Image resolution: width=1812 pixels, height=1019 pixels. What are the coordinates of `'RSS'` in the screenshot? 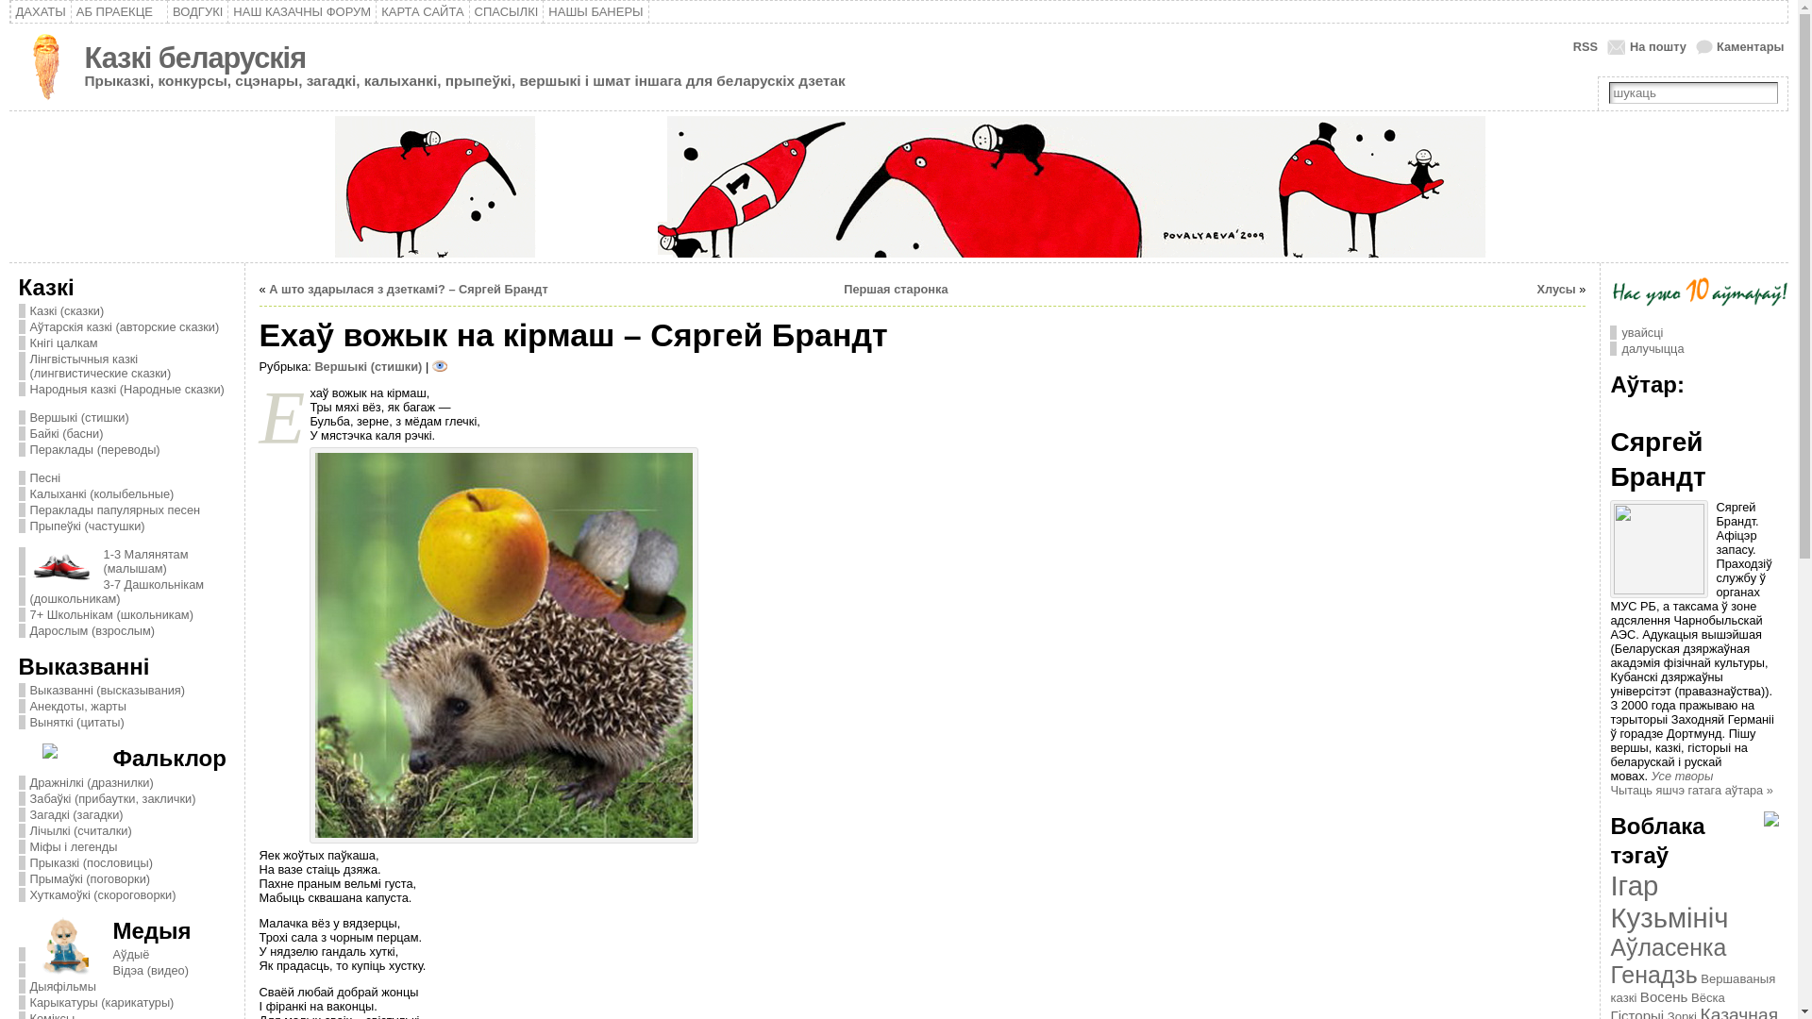 It's located at (1576, 46).